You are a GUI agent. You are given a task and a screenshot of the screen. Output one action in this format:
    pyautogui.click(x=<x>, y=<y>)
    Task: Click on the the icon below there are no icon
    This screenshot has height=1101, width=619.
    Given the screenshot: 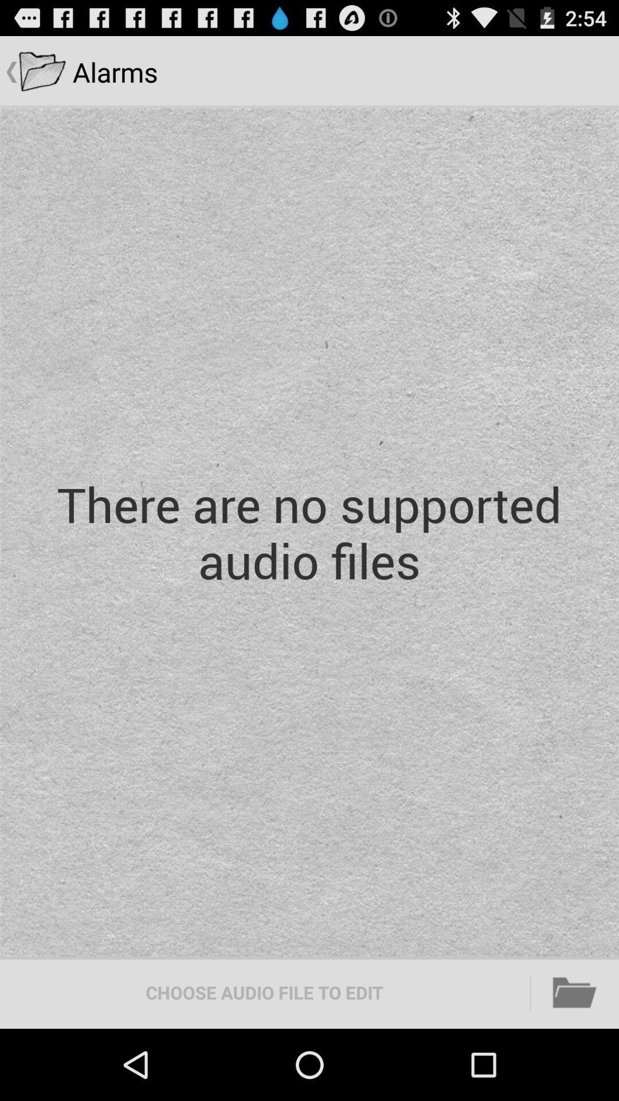 What is the action you would take?
    pyautogui.click(x=264, y=992)
    